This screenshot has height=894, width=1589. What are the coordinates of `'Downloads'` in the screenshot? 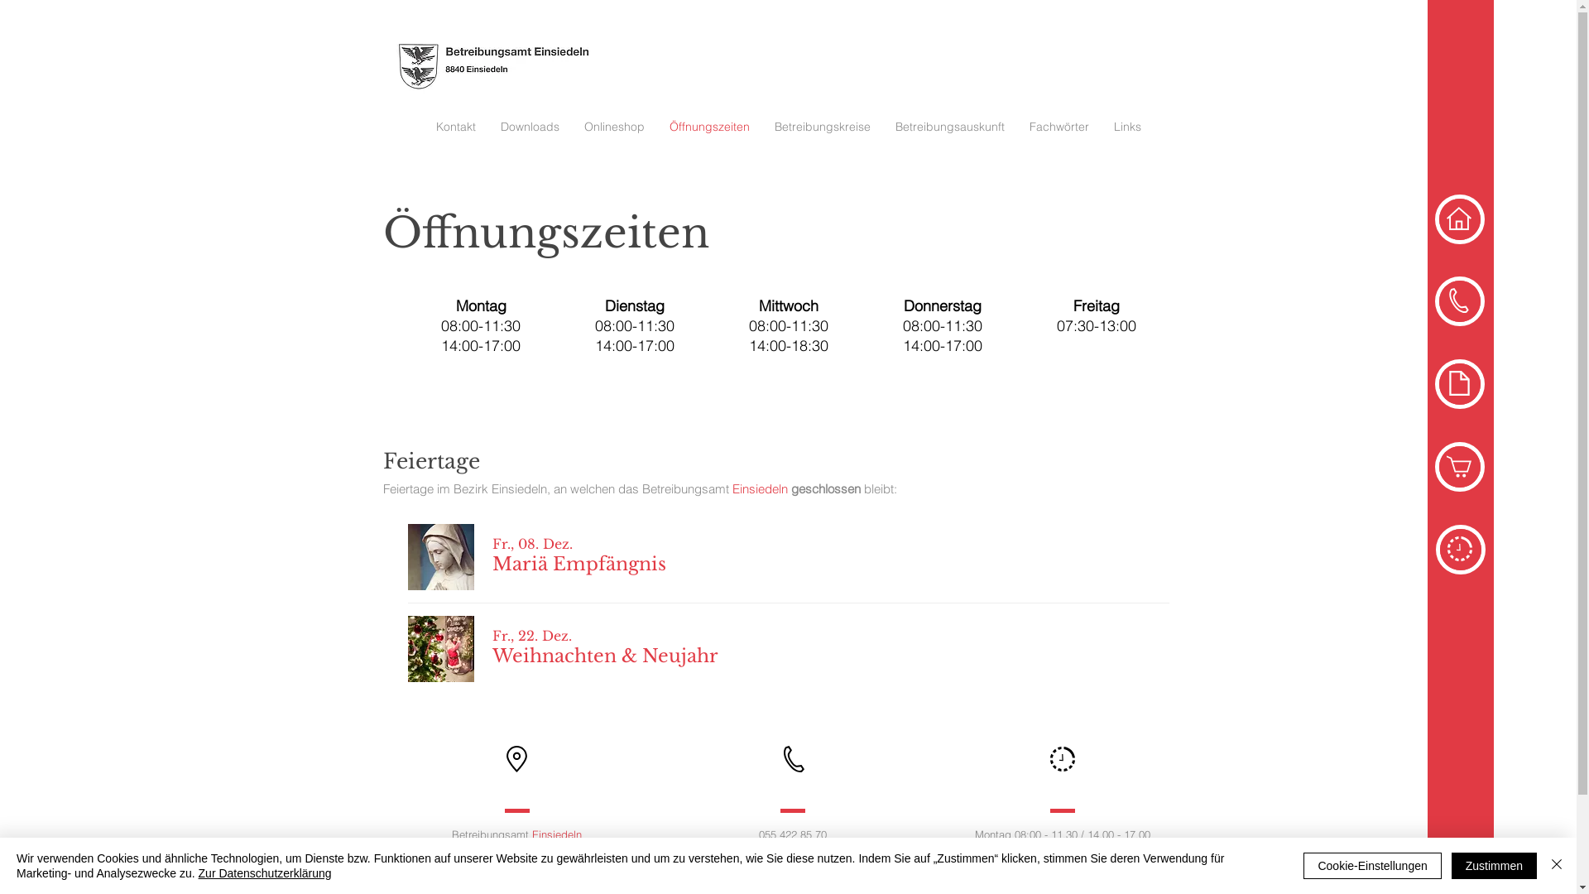 It's located at (530, 126).